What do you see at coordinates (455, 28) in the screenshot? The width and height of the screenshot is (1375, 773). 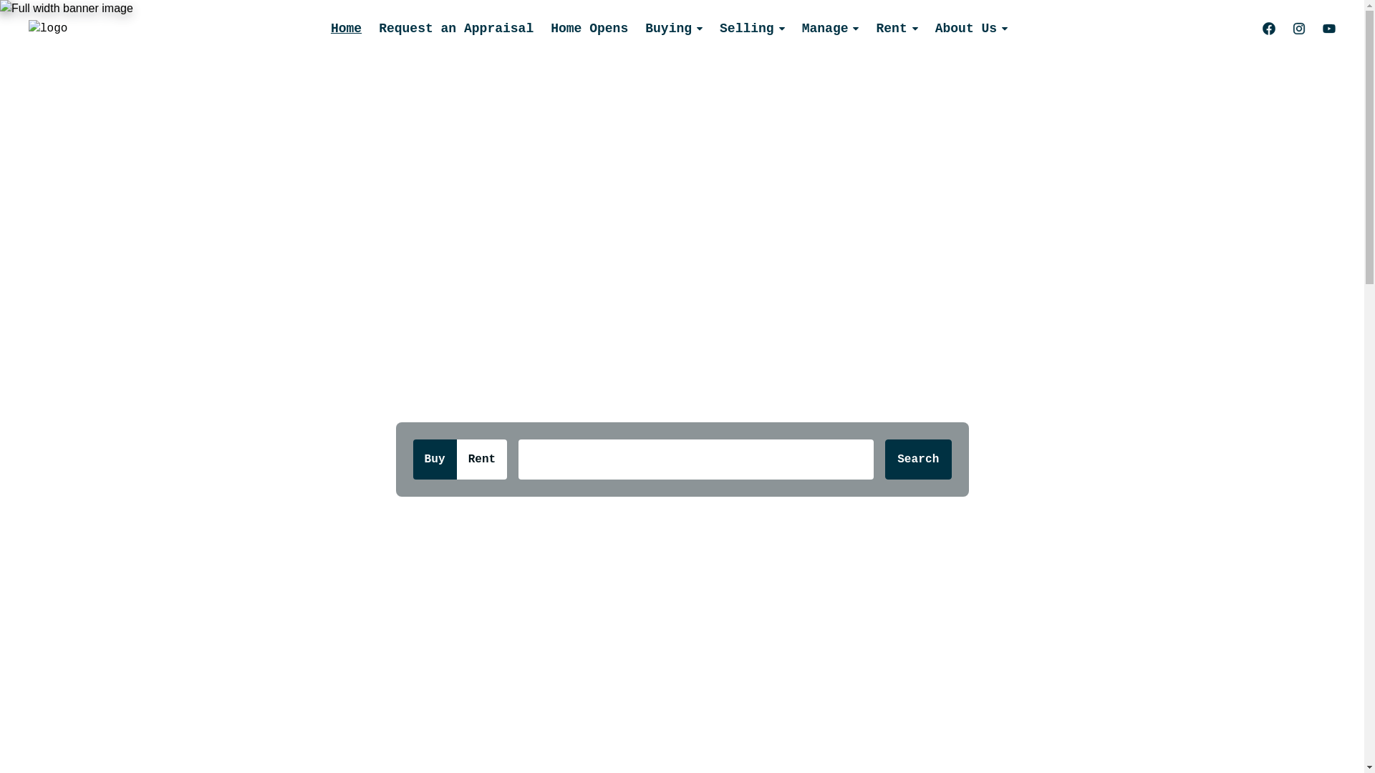 I see `'Request an Appraisal'` at bounding box center [455, 28].